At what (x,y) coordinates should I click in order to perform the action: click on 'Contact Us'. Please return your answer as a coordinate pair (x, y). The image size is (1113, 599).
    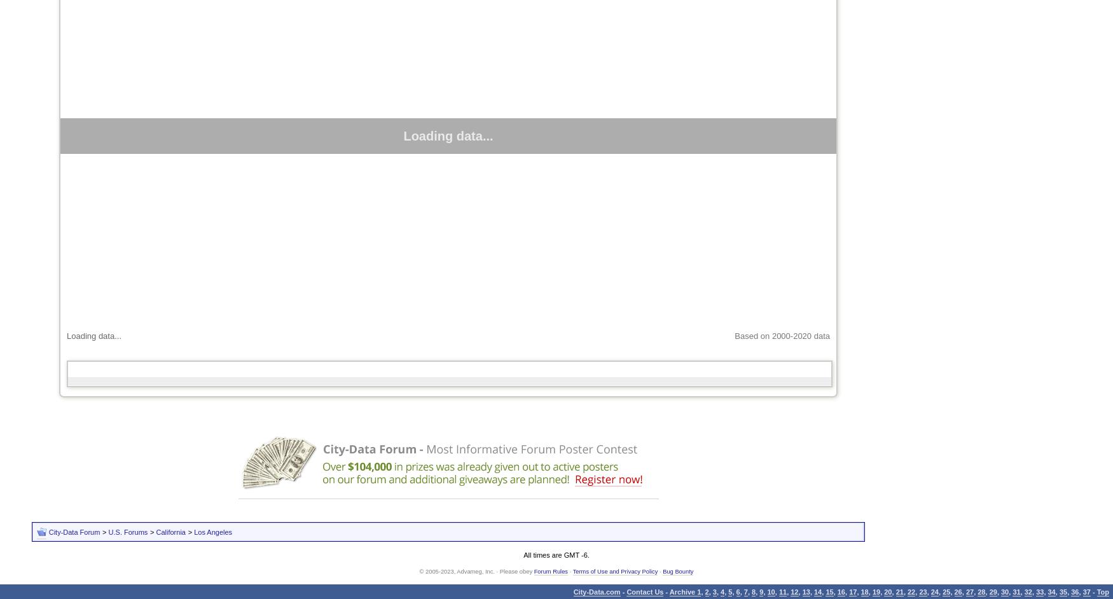
    Looking at the image, I should click on (644, 591).